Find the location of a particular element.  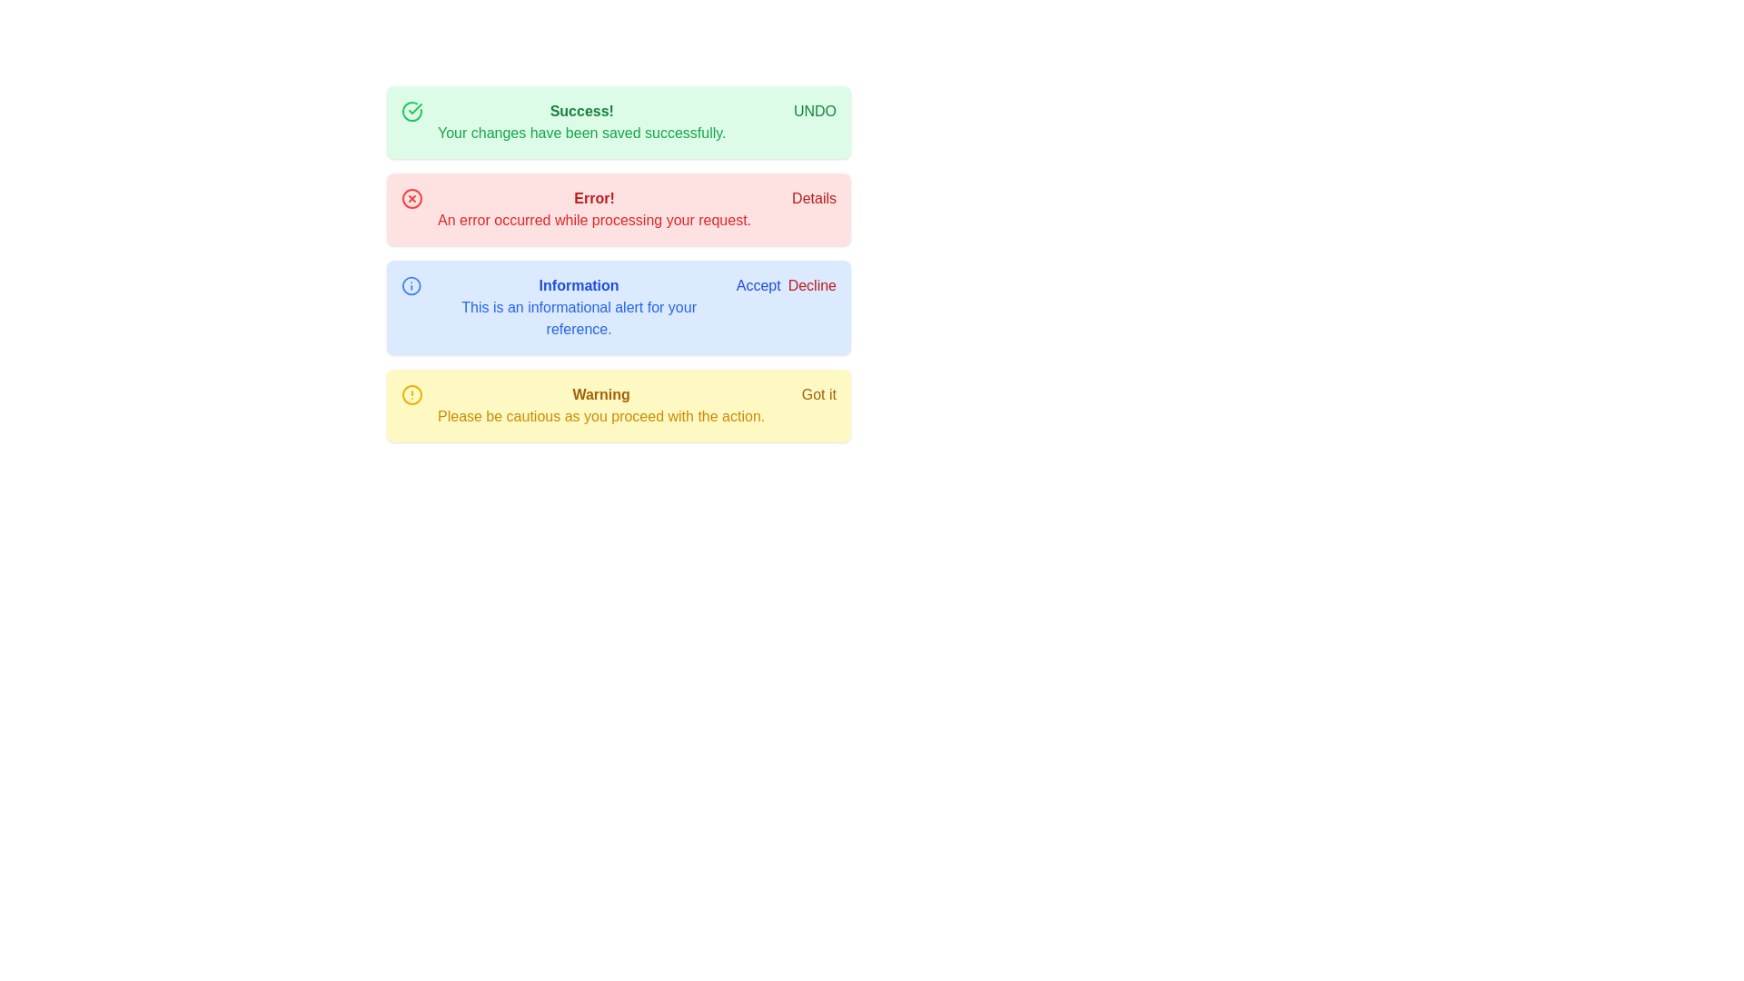

the 'Details' hyperlink styled in bold red font located is located at coordinates (813, 199).